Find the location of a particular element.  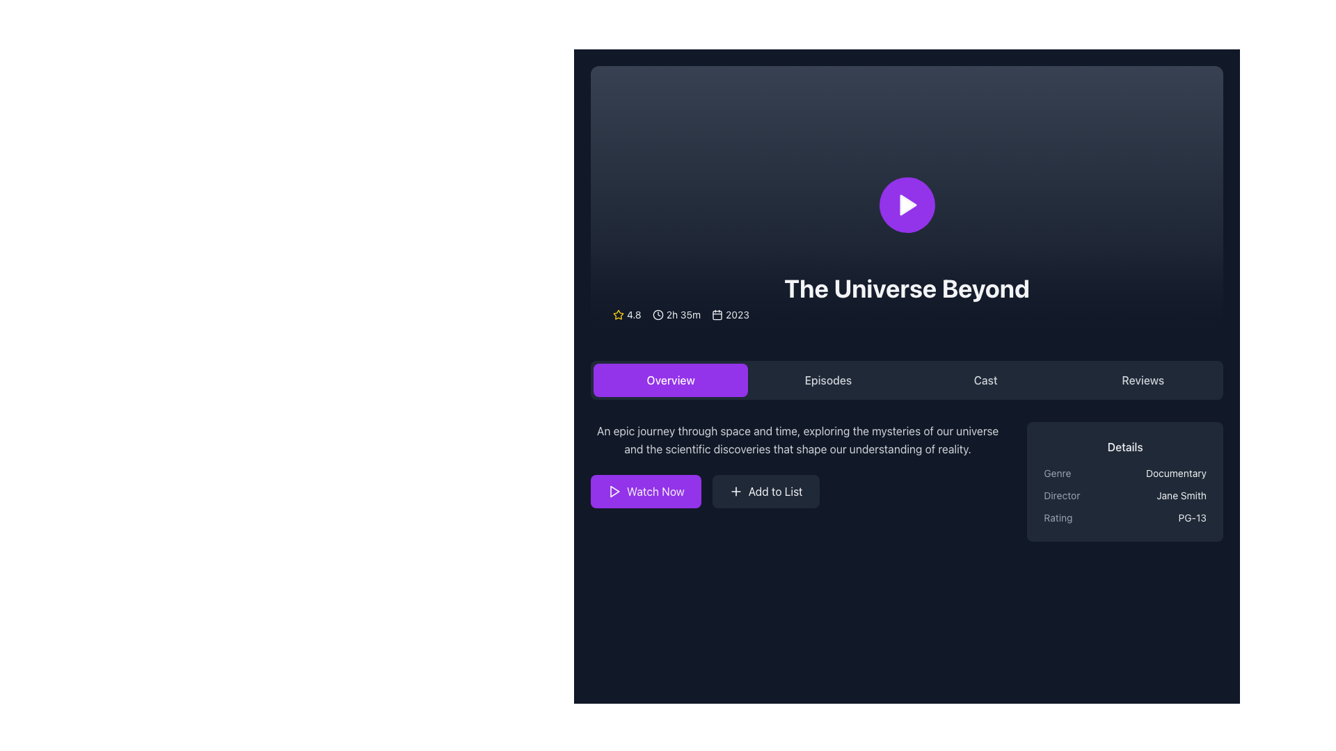

the calendar icon, which is a white icon with rounded corners located next to the text '2023' at the top-center of the interface is located at coordinates (717, 314).